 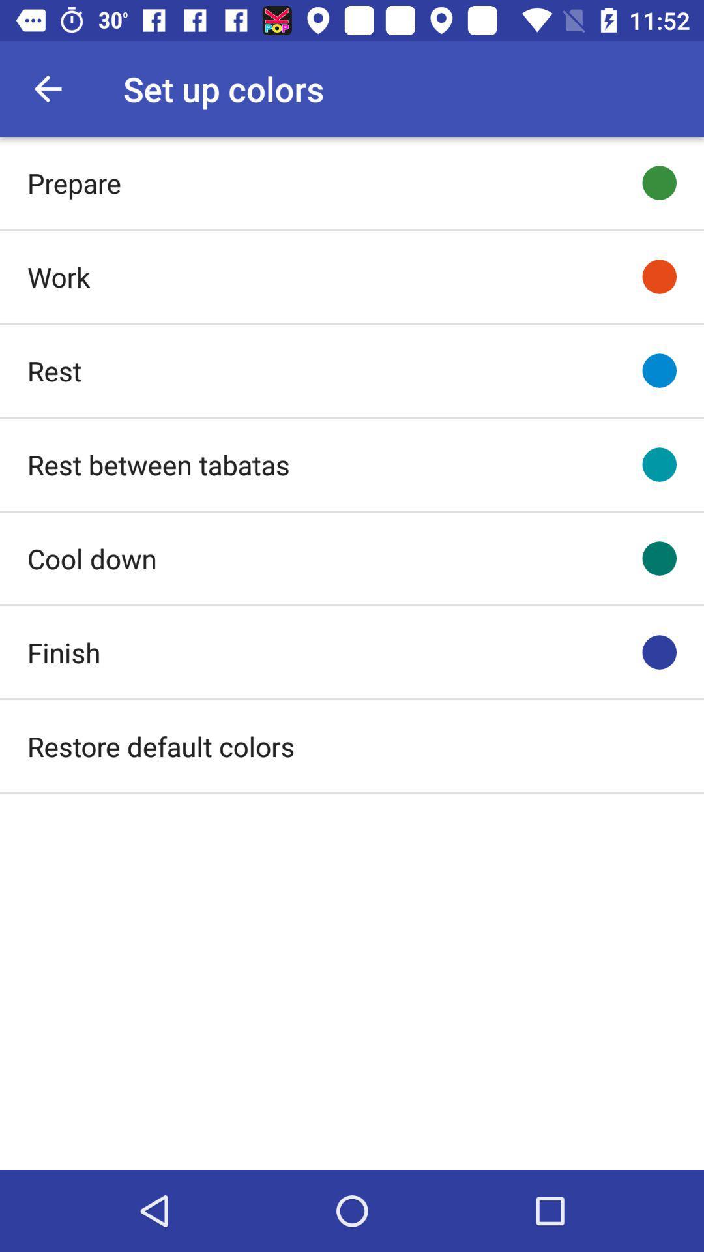 I want to click on the cool down icon, so click(x=91, y=558).